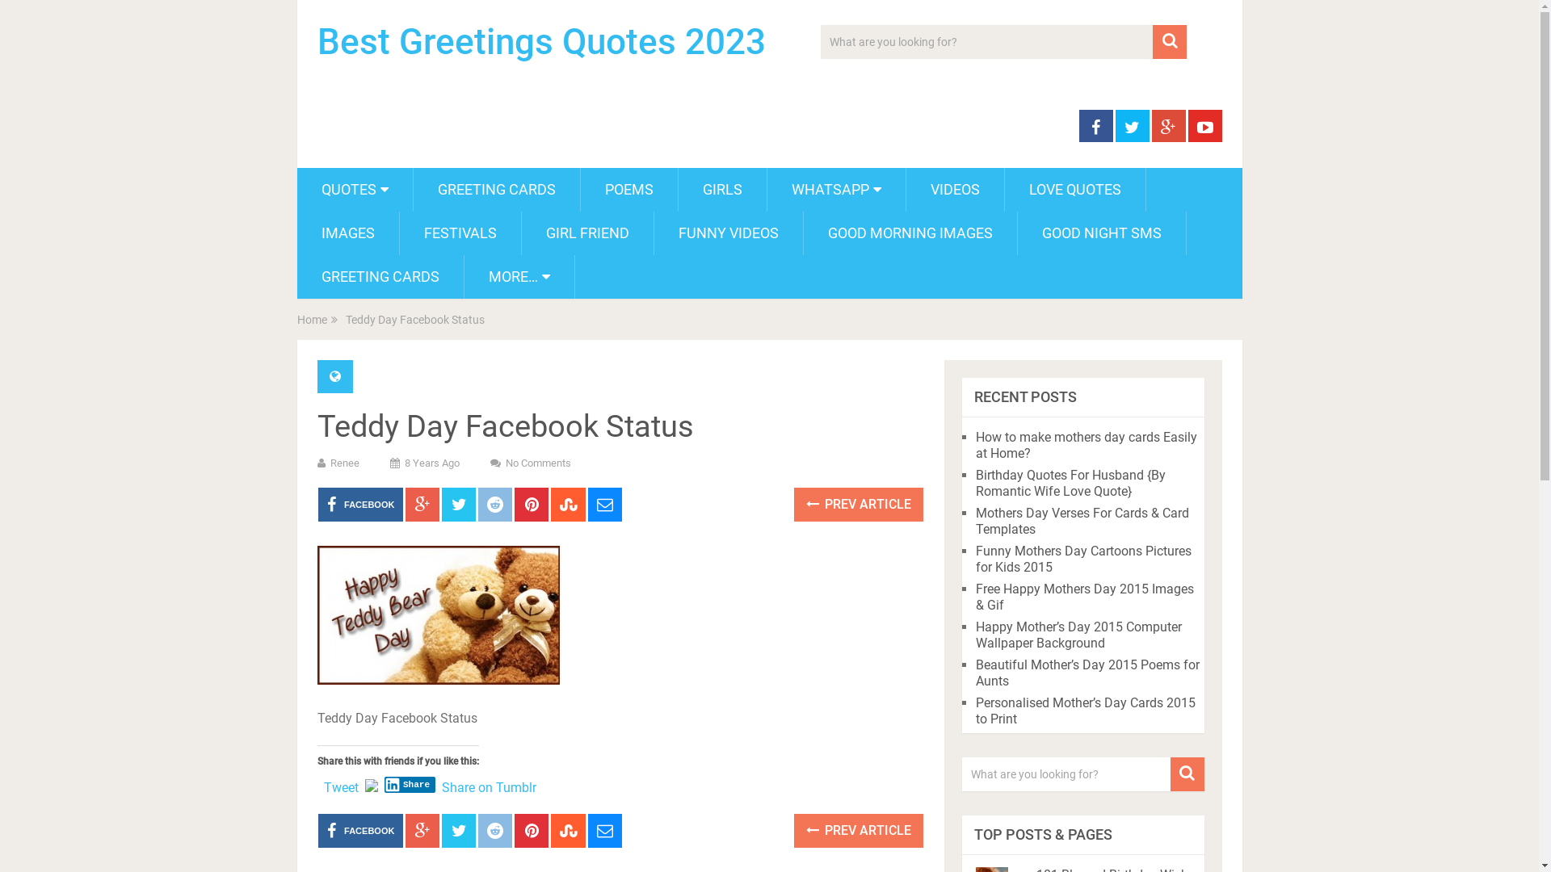  What do you see at coordinates (1083, 558) in the screenshot?
I see `'Funny Mothers Day Cartoons Pictures for Kids 2015'` at bounding box center [1083, 558].